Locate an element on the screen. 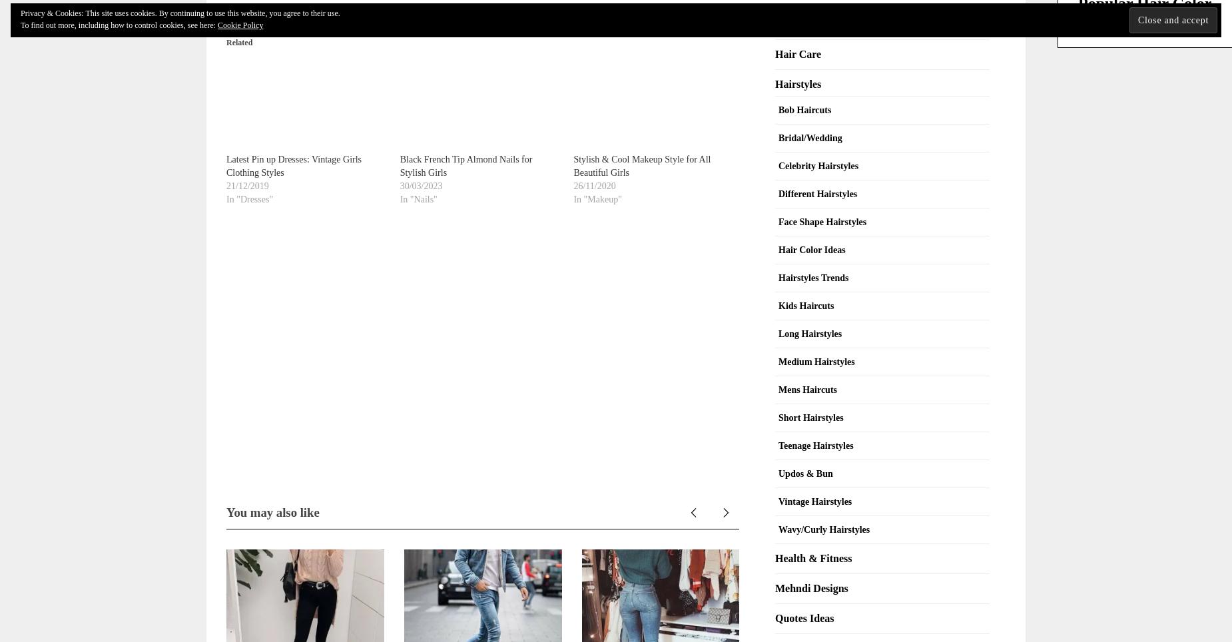  'Celebrity Hairstyles' is located at coordinates (817, 164).